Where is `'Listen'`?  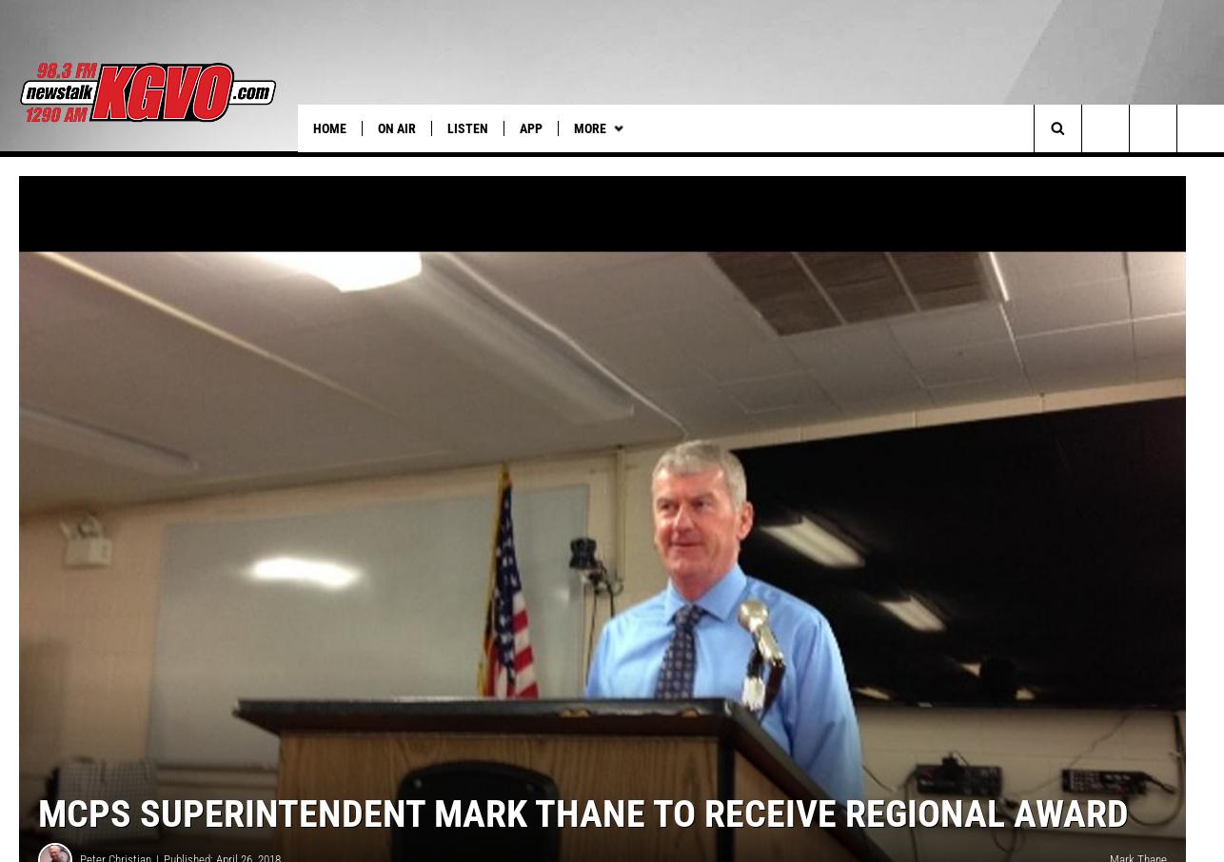
'Listen' is located at coordinates (446, 127).